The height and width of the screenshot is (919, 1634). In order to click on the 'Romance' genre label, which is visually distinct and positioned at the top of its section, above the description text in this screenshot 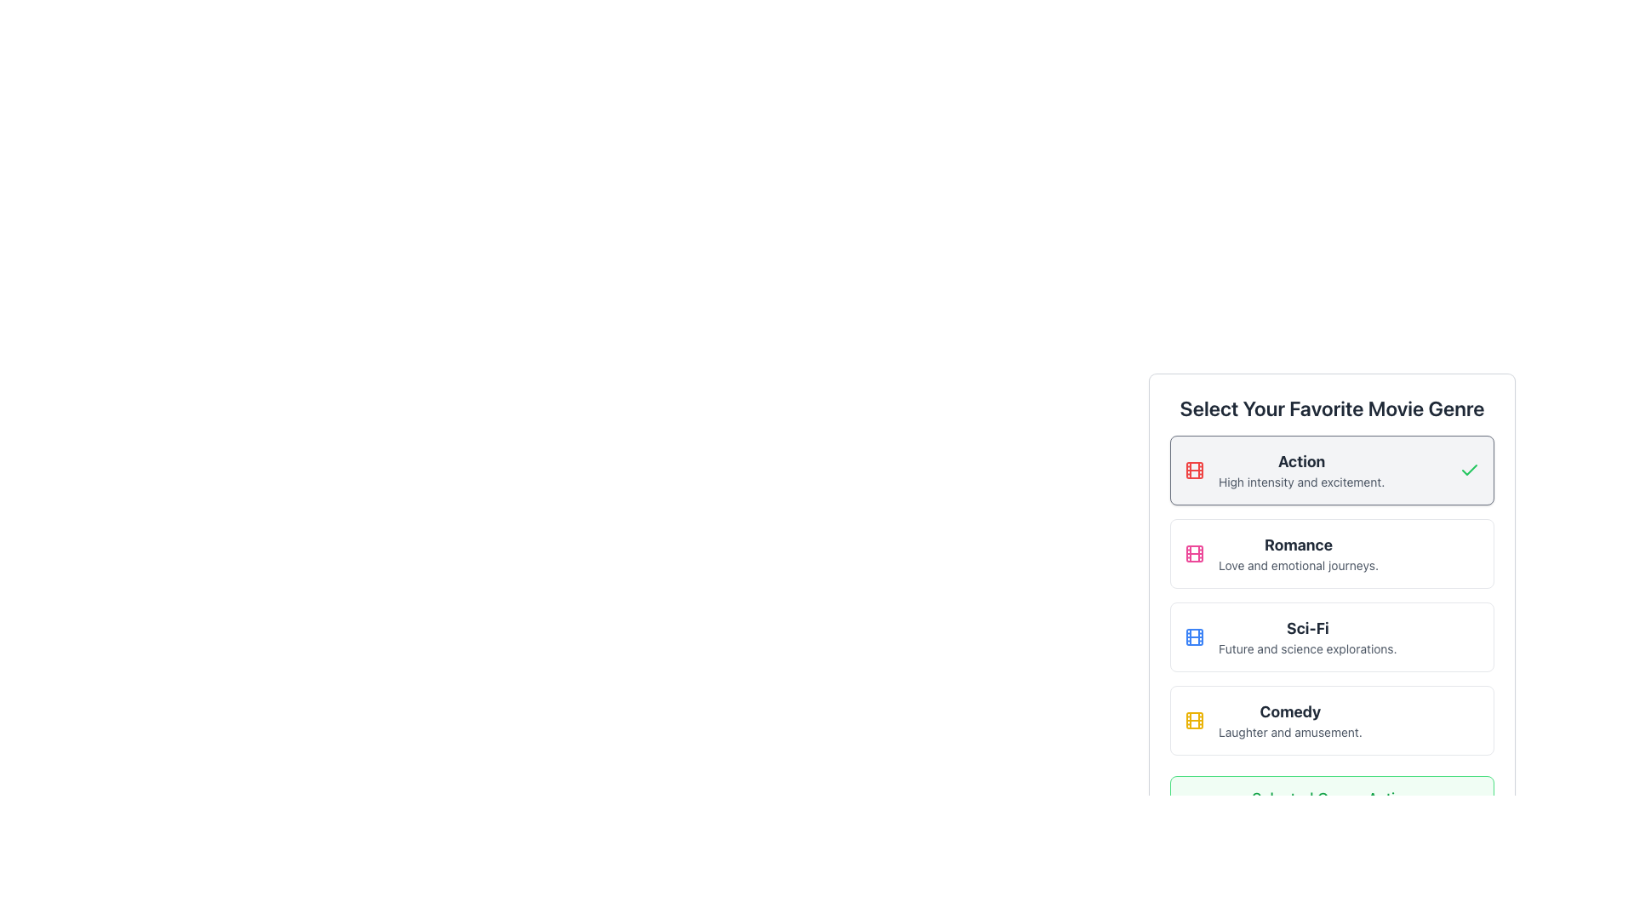, I will do `click(1298, 545)`.